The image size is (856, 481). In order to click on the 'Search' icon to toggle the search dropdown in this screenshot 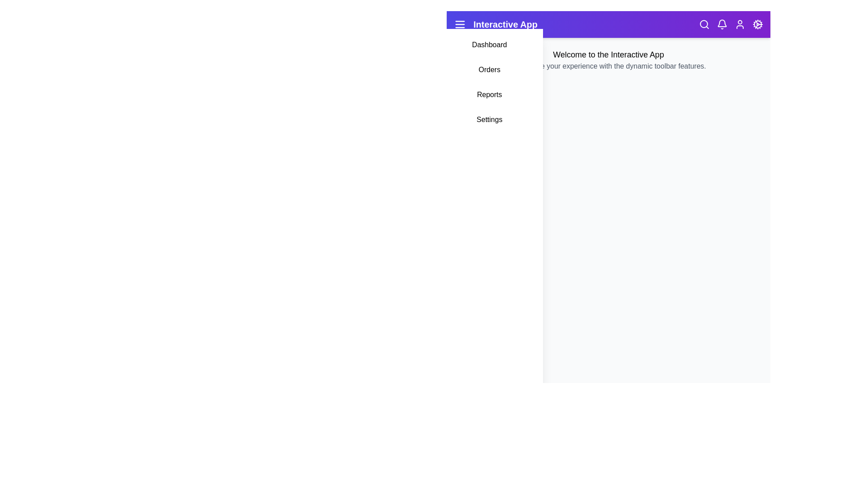, I will do `click(704, 24)`.